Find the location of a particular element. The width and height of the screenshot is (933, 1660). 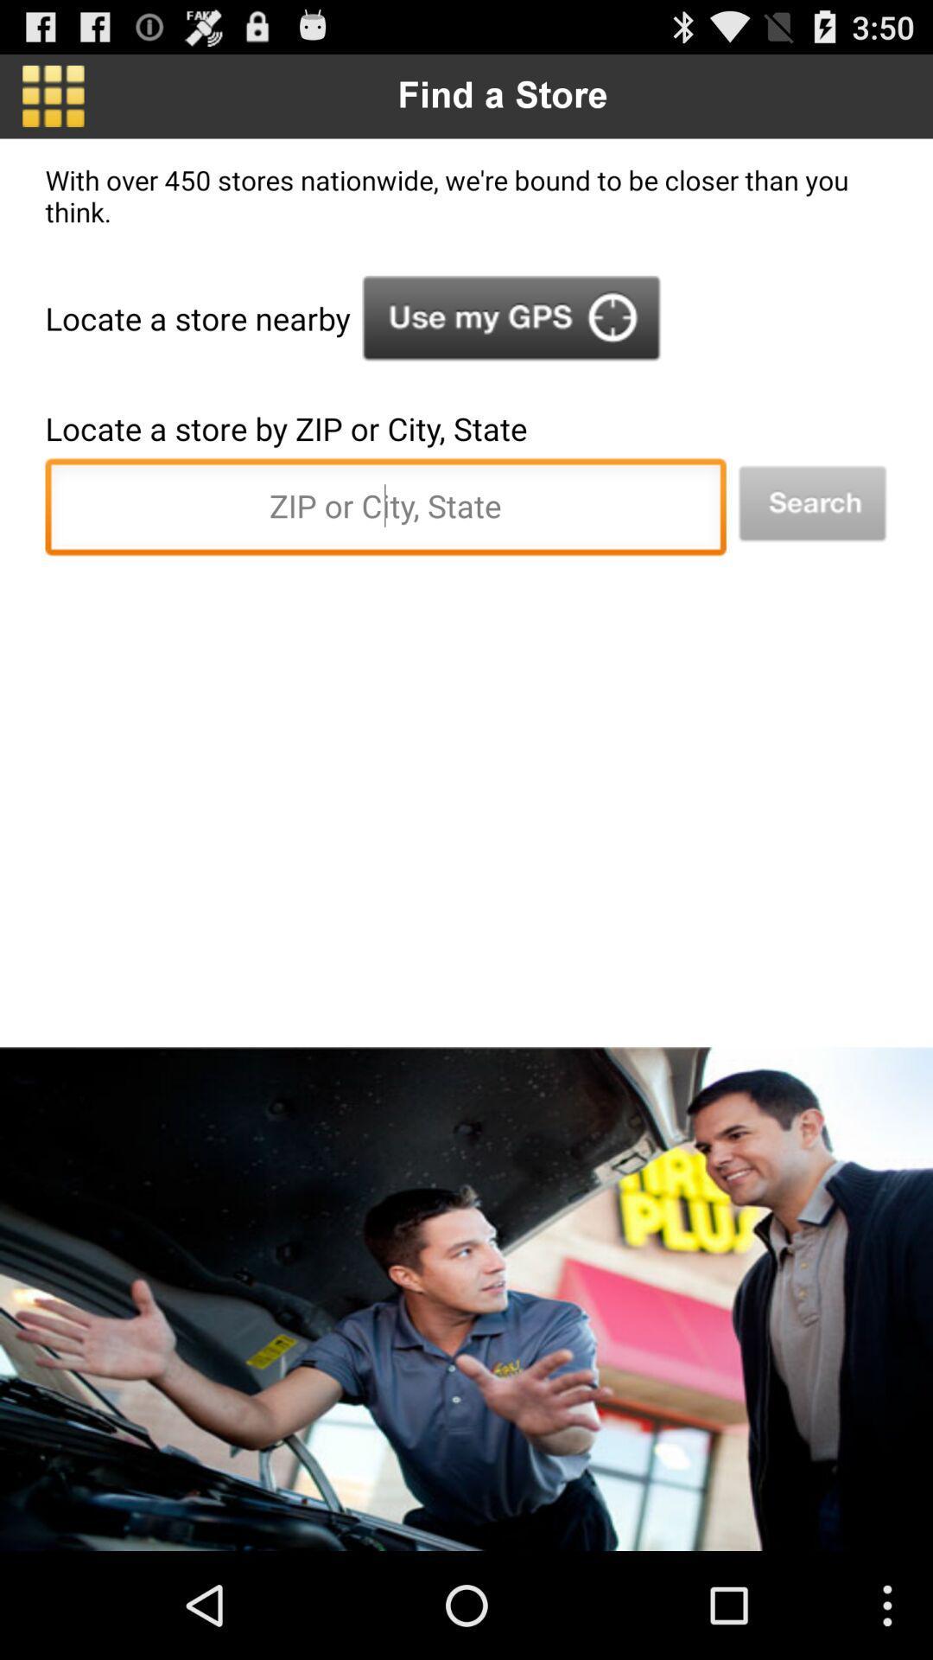

the dashboard icon is located at coordinates (52, 102).